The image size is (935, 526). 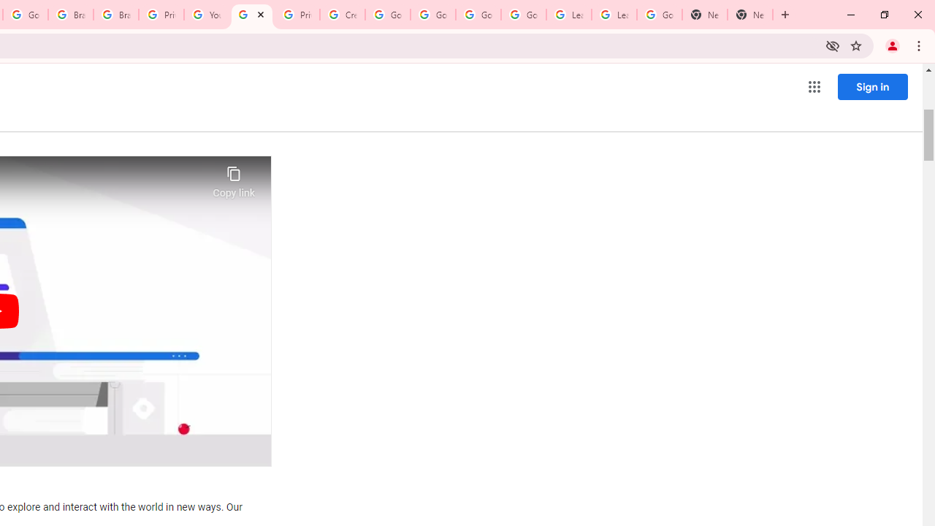 What do you see at coordinates (234, 178) in the screenshot?
I see `'Copy link'` at bounding box center [234, 178].